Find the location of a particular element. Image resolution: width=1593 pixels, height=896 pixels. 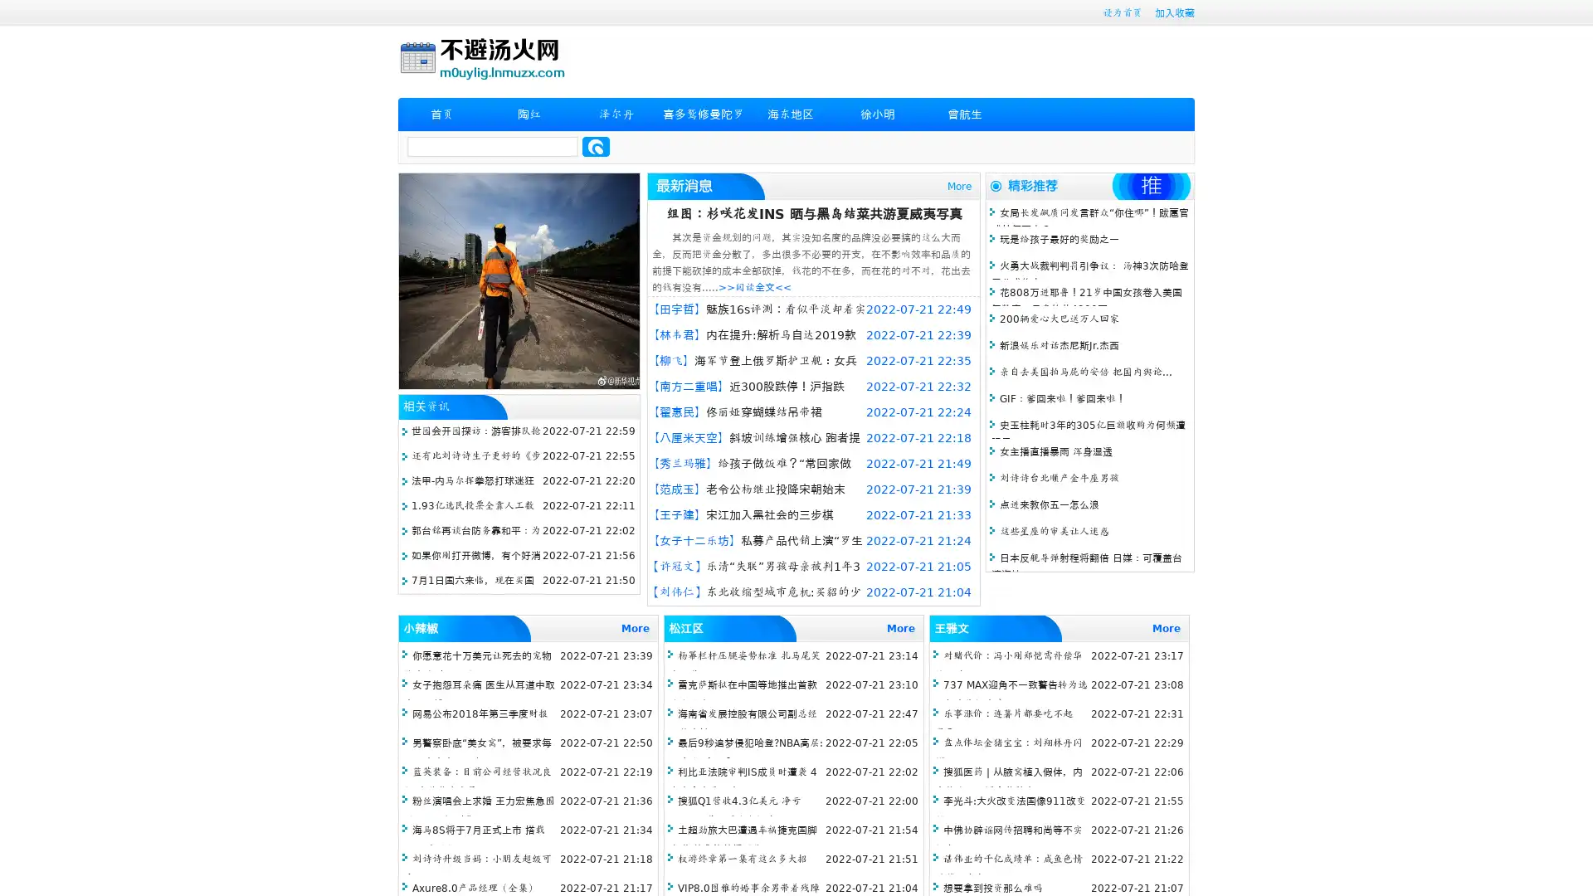

Search is located at coordinates (596, 146).